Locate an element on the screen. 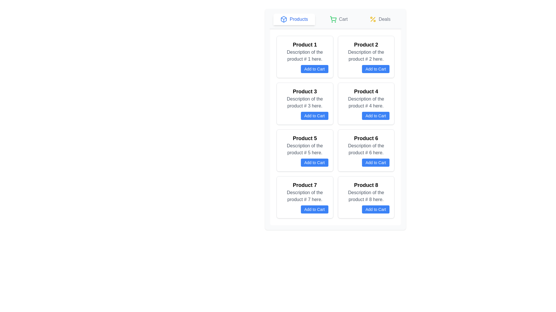 This screenshot has height=312, width=556. the product title text located at the top of the card in the third row, first column of a grid layout is located at coordinates (304, 138).